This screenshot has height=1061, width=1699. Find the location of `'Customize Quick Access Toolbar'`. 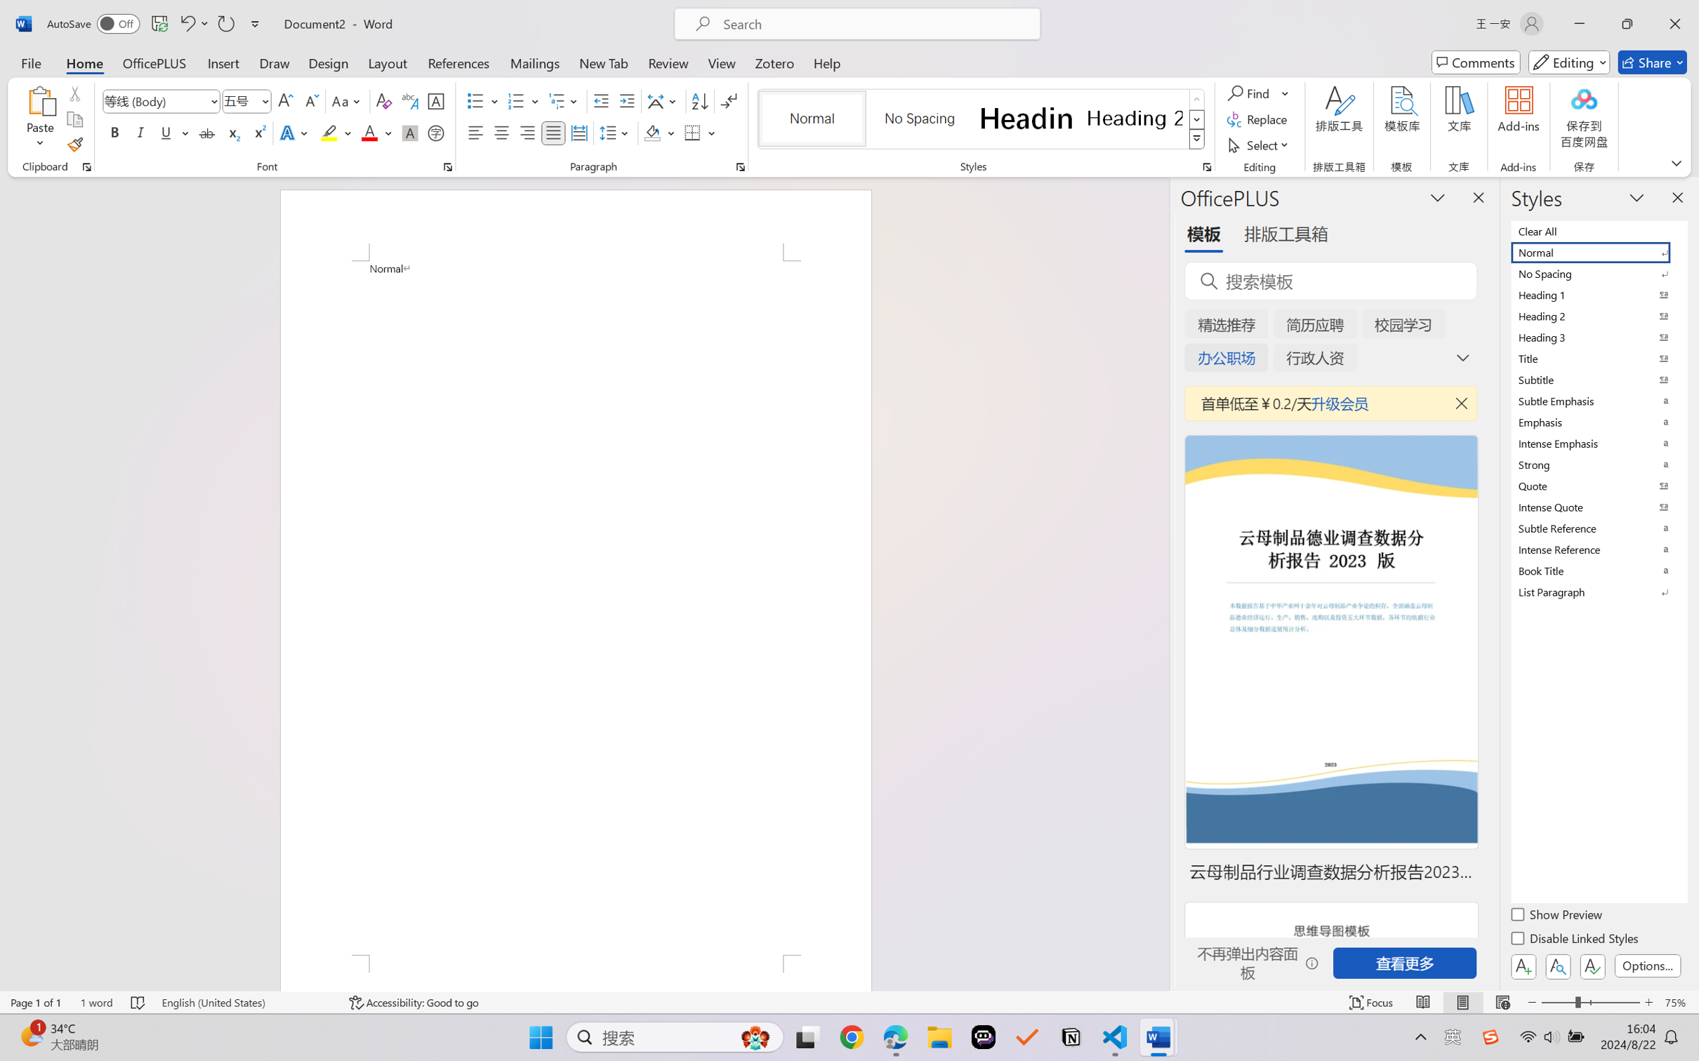

'Customize Quick Access Toolbar' is located at coordinates (255, 23).